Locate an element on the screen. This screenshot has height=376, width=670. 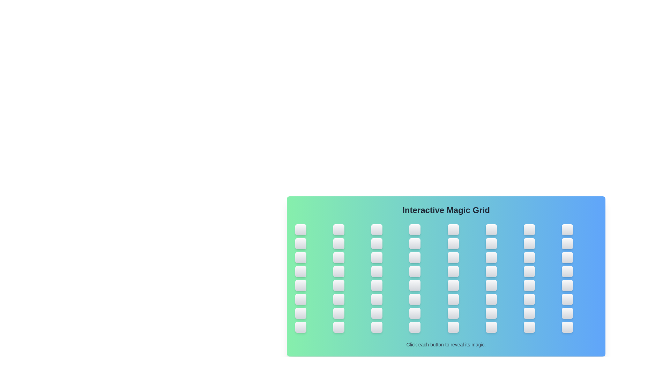
the header text 'Interactive Magic Grid' and read it is located at coordinates (446, 210).